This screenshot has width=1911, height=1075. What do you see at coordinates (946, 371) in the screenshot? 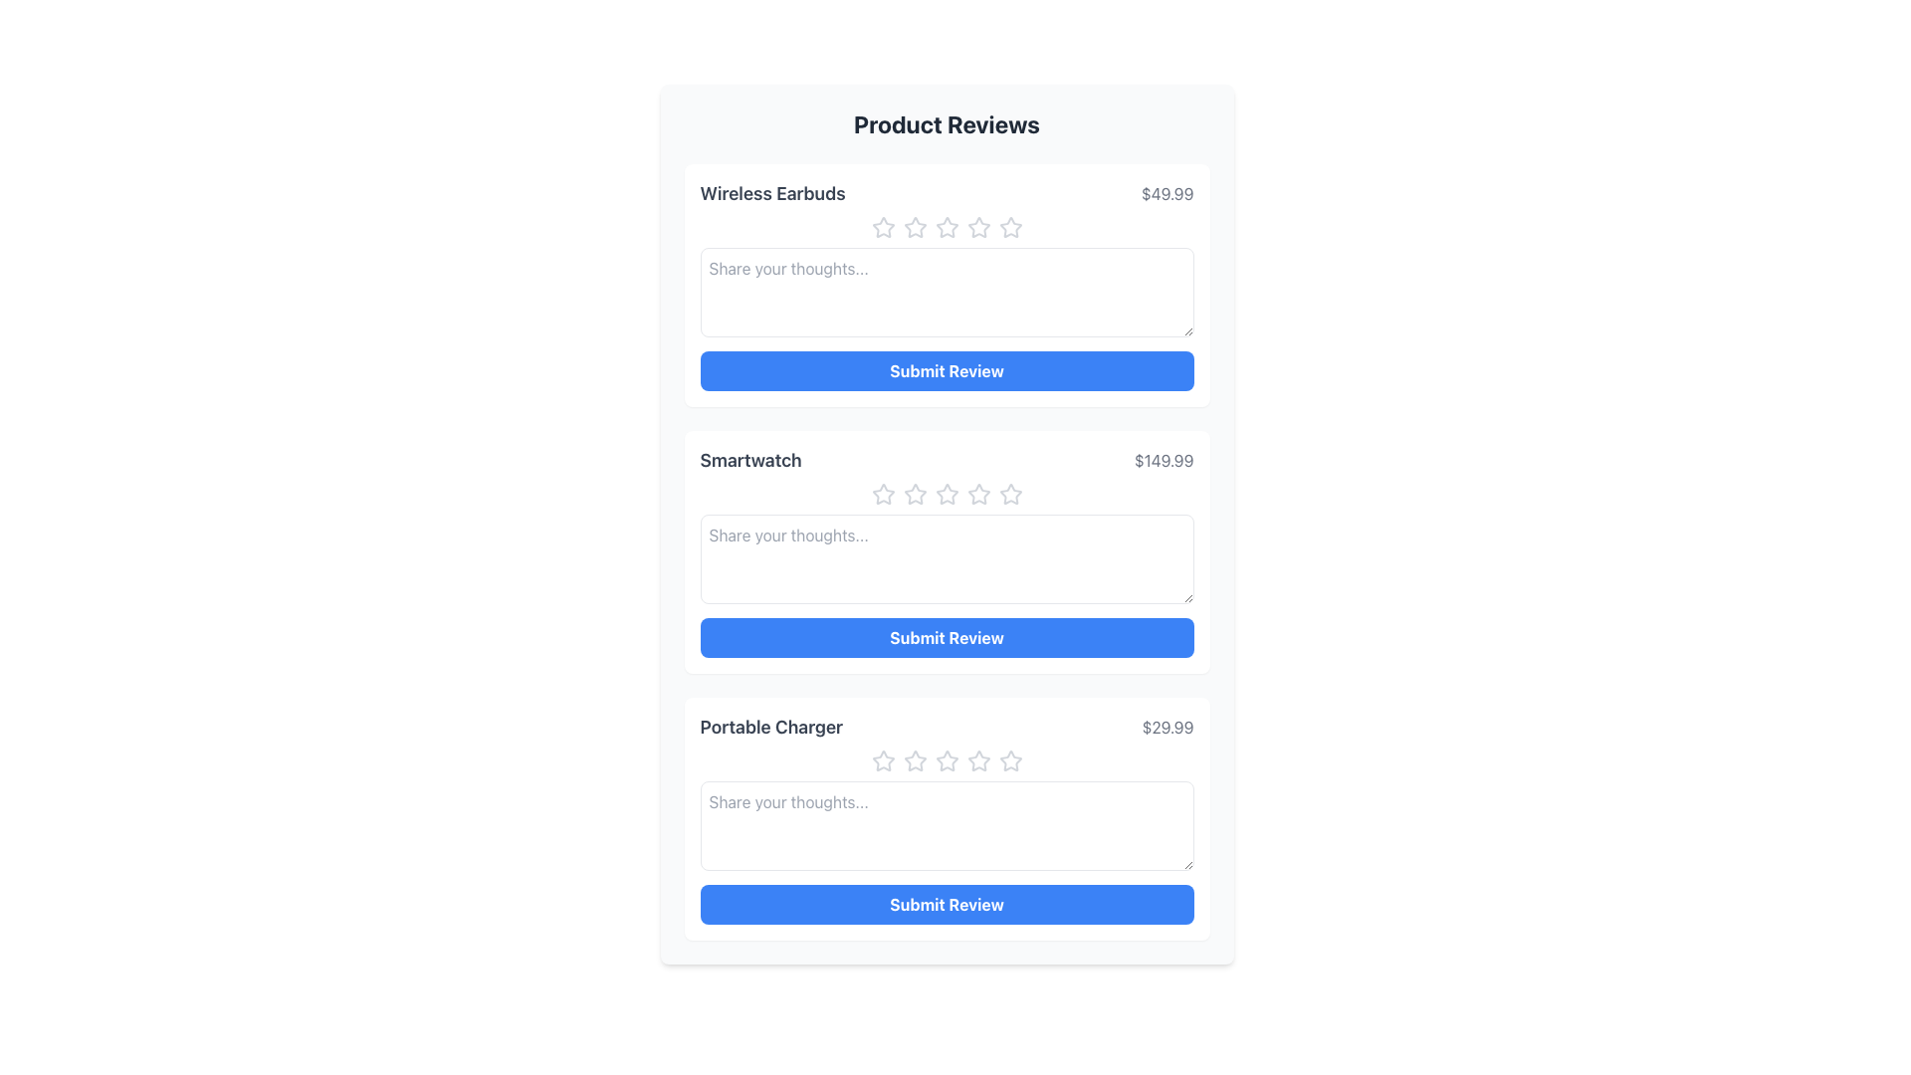
I see `the rectangular button with a solid blue background and white bold text that reads 'Submit Review'` at bounding box center [946, 371].